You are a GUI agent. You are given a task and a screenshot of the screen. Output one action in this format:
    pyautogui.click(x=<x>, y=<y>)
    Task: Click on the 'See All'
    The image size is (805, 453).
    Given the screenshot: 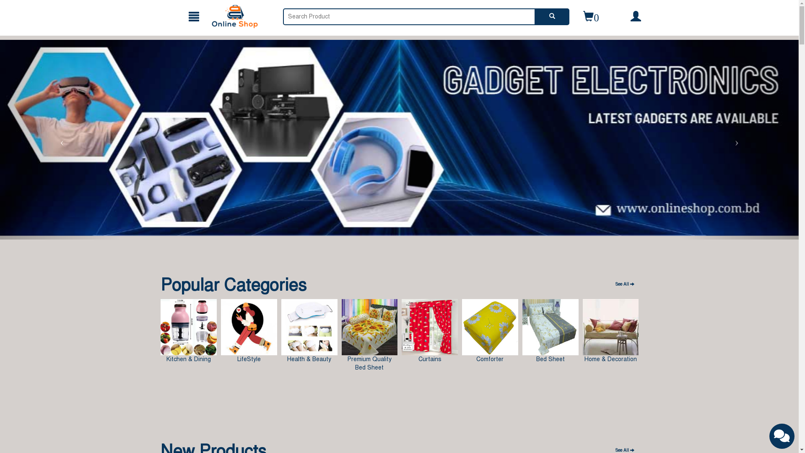 What is the action you would take?
    pyautogui.click(x=611, y=284)
    